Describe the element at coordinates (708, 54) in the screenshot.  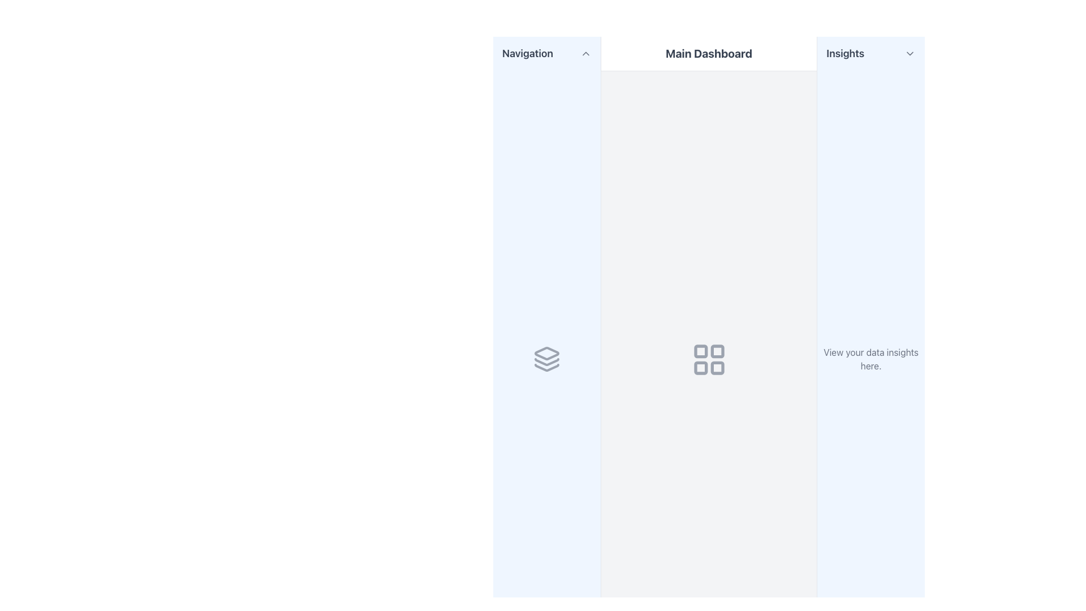
I see `the 'Main Dashboard' text label` at that location.